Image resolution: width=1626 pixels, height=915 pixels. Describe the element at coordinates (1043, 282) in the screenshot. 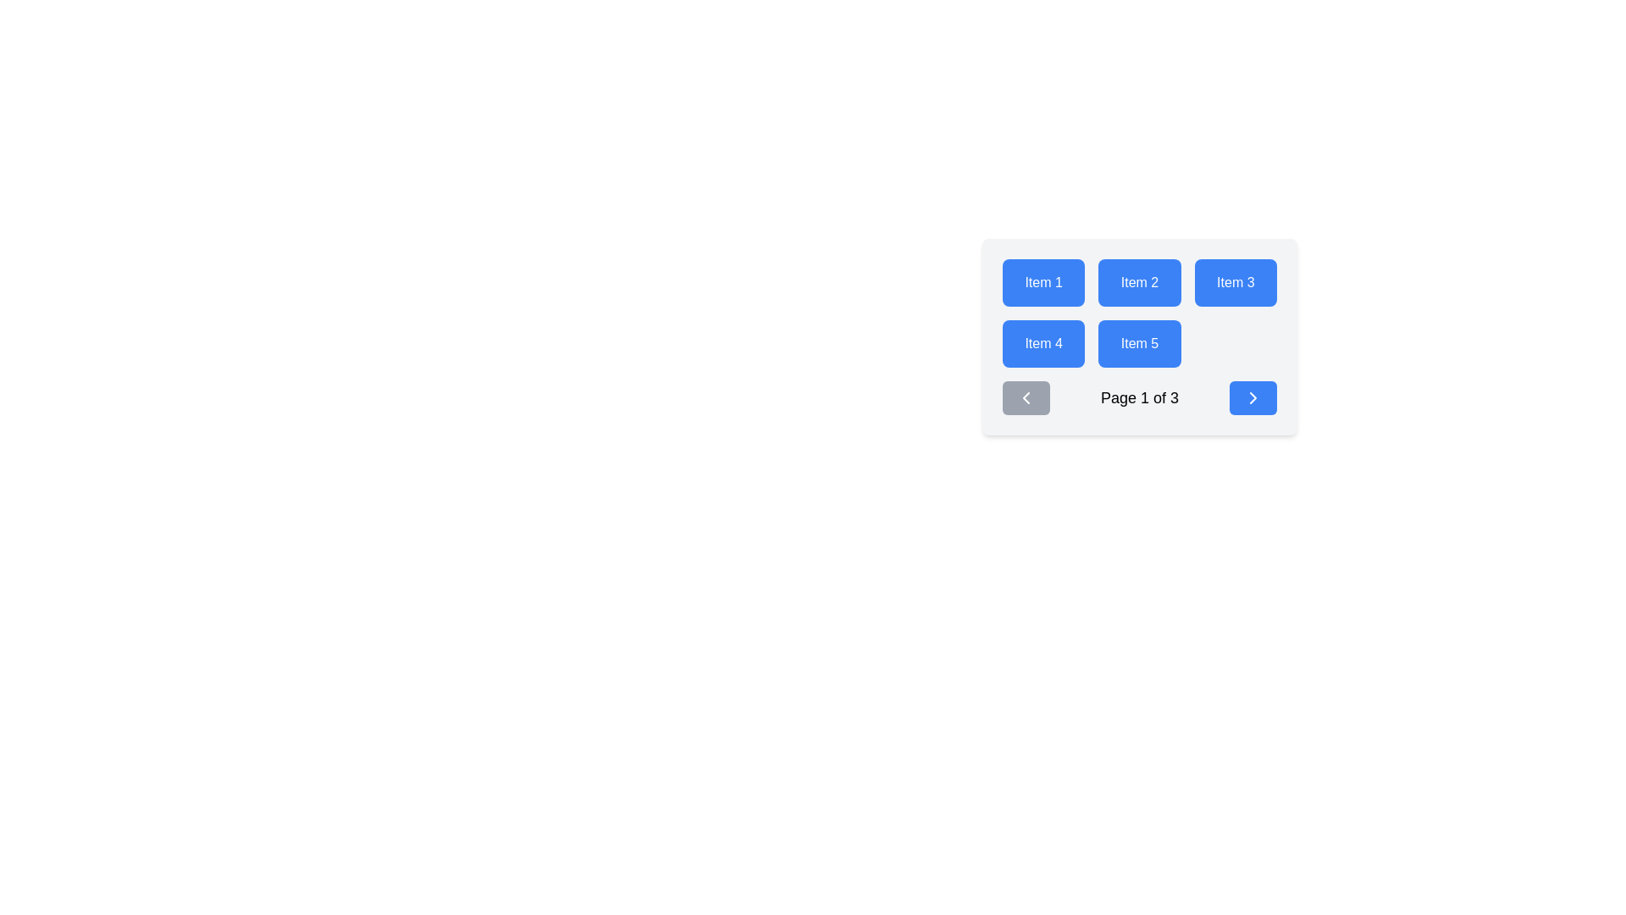

I see `the static label or grid item with a bright blue background and white text that reads 'Item 1', located in the upper-right section of the interface` at that location.